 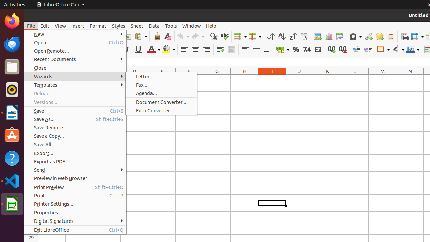 What do you see at coordinates (293, 36) in the screenshot?
I see `'Sort Descending'` at bounding box center [293, 36].